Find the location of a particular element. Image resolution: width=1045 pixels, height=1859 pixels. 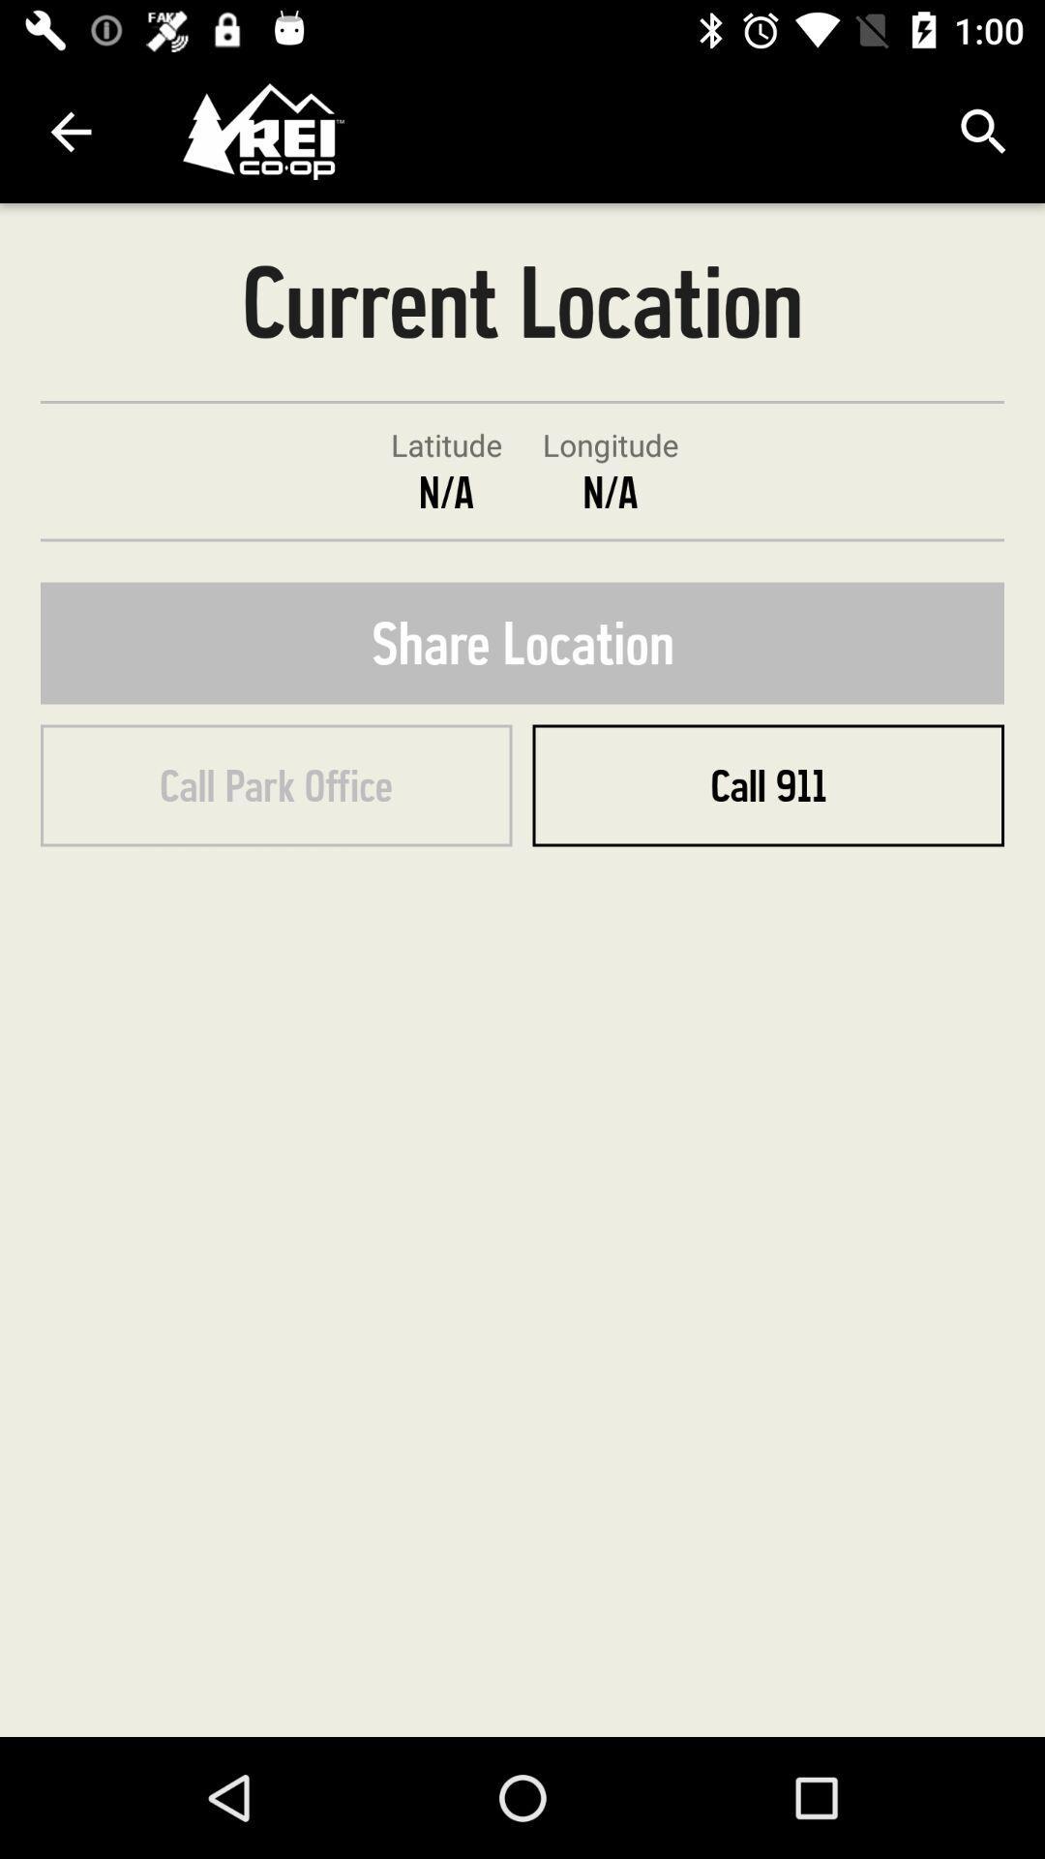

the item below the share location item is located at coordinates (767, 785).